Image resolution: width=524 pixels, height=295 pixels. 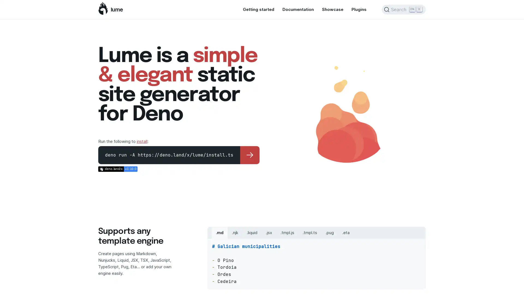 What do you see at coordinates (220, 232) in the screenshot?
I see `.md` at bounding box center [220, 232].